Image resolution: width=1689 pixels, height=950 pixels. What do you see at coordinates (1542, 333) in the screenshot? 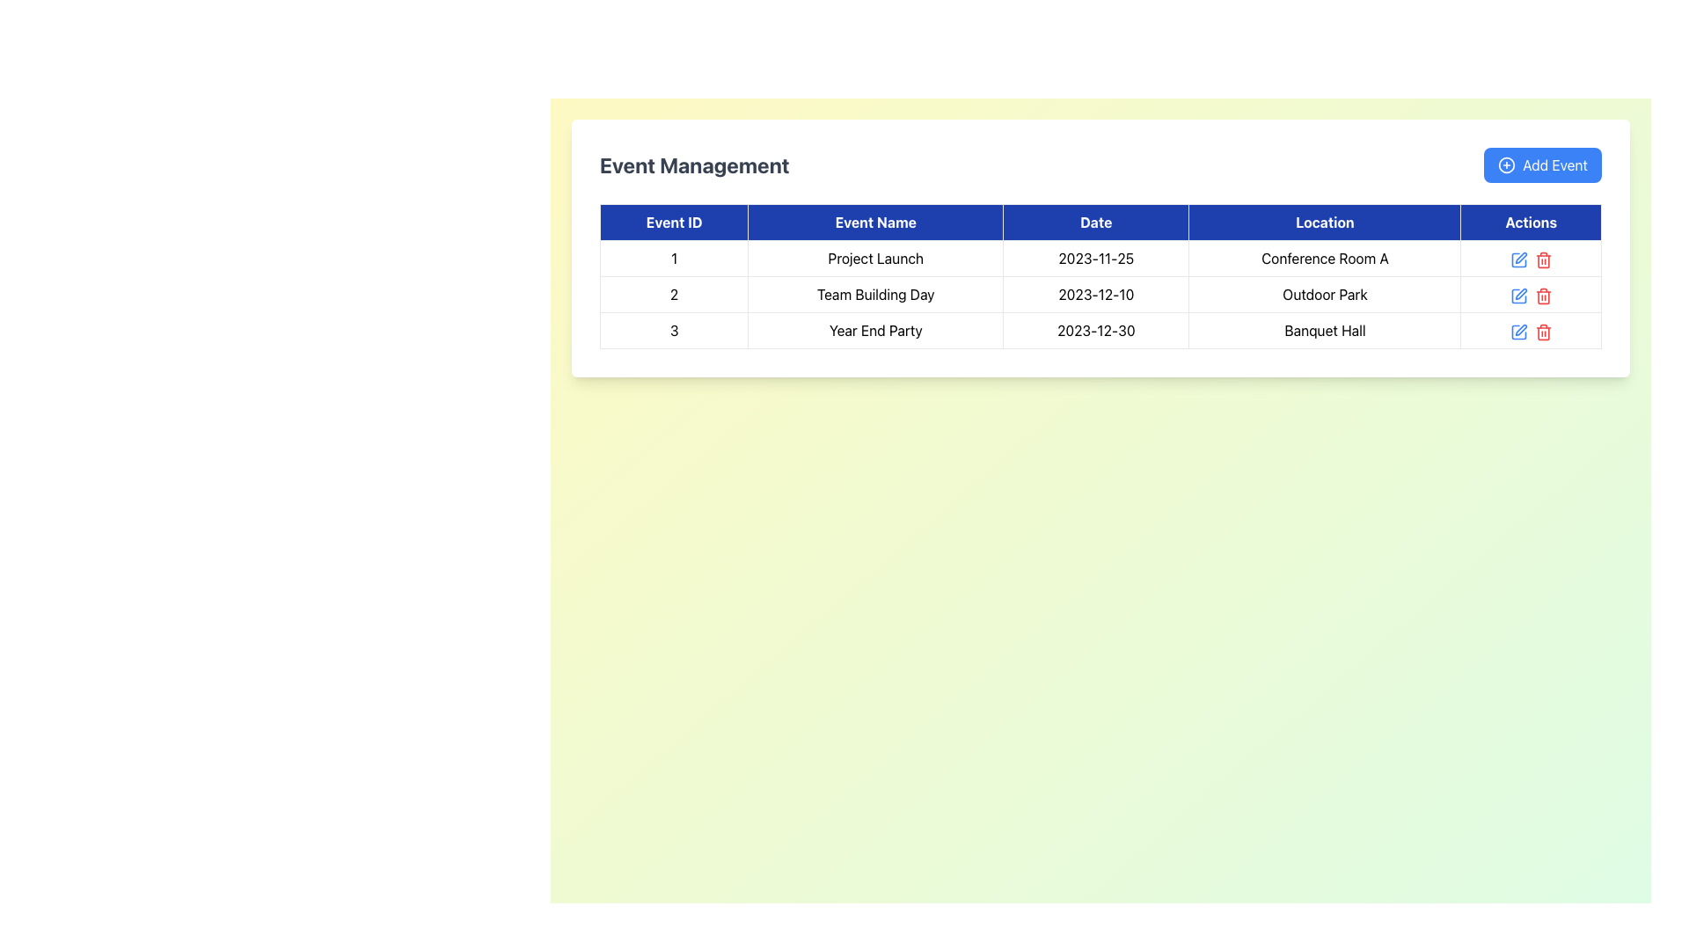
I see `the trash can icon in the Actions column of the third row of the table` at bounding box center [1542, 333].